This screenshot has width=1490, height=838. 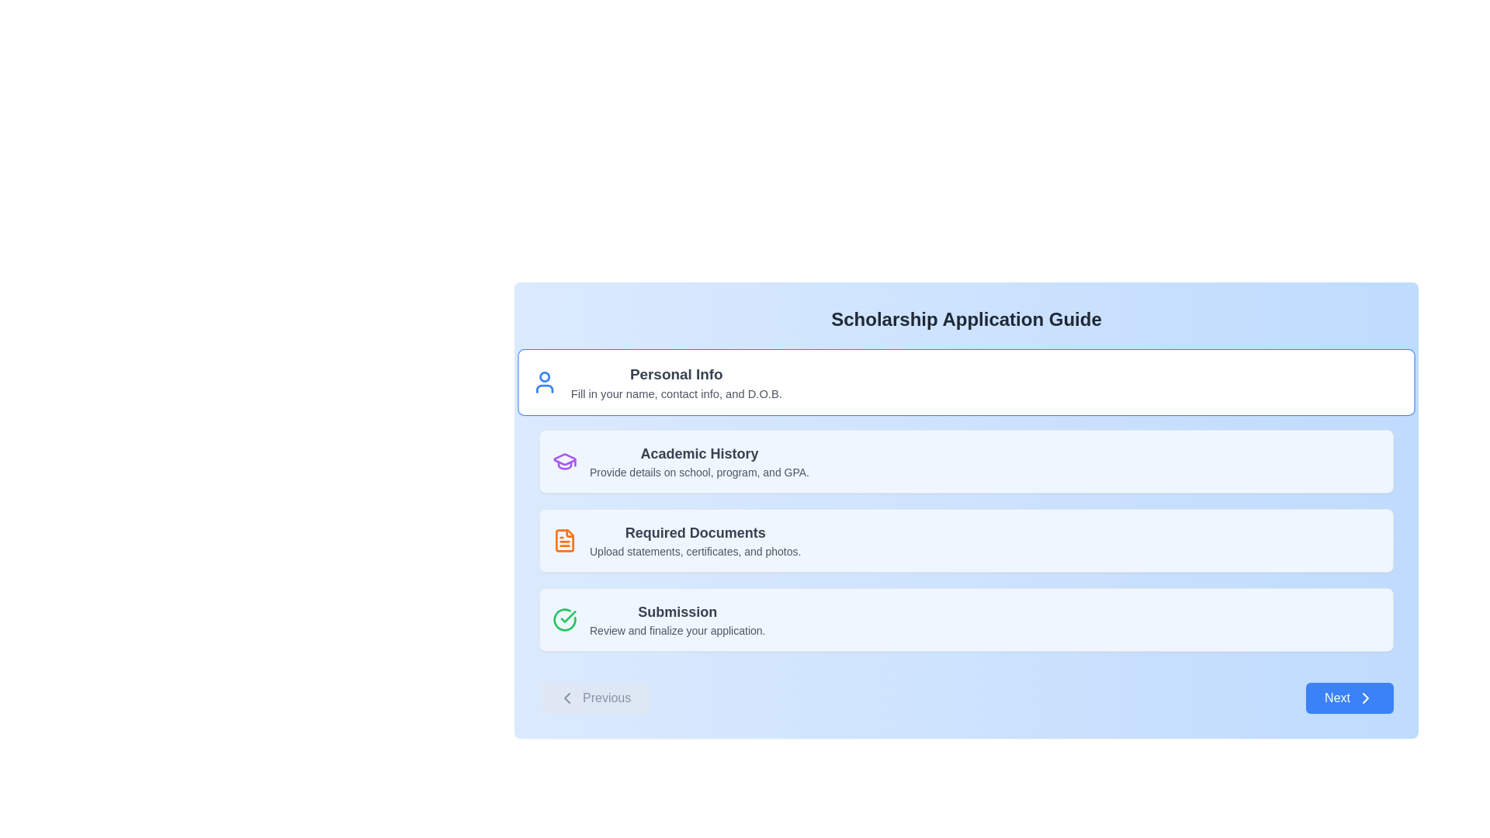 What do you see at coordinates (567, 615) in the screenshot?
I see `the green checkmark icon within the circular SVG graphic located at the bottom-right corner of the 'Submission' section` at bounding box center [567, 615].